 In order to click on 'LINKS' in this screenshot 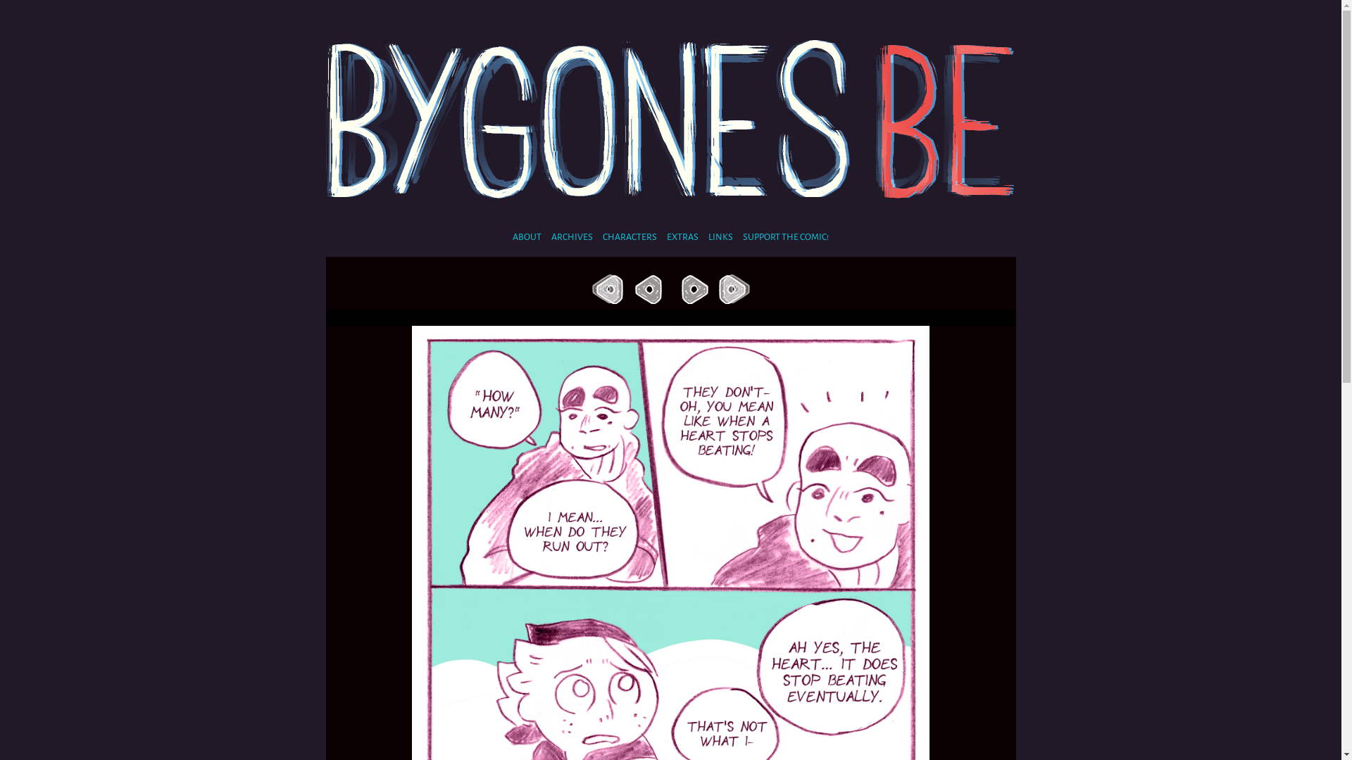, I will do `click(720, 236)`.